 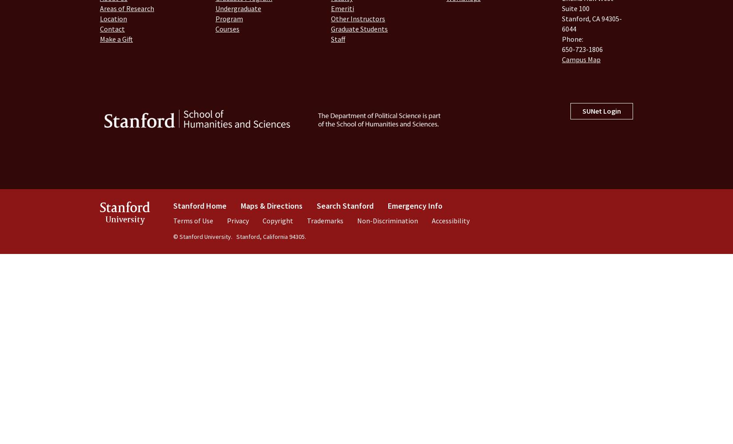 I want to click on 'University', so click(x=125, y=219).